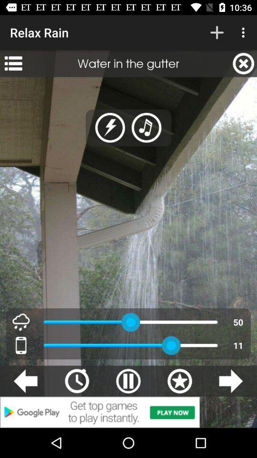  What do you see at coordinates (243, 63) in the screenshot?
I see `the close icon` at bounding box center [243, 63].